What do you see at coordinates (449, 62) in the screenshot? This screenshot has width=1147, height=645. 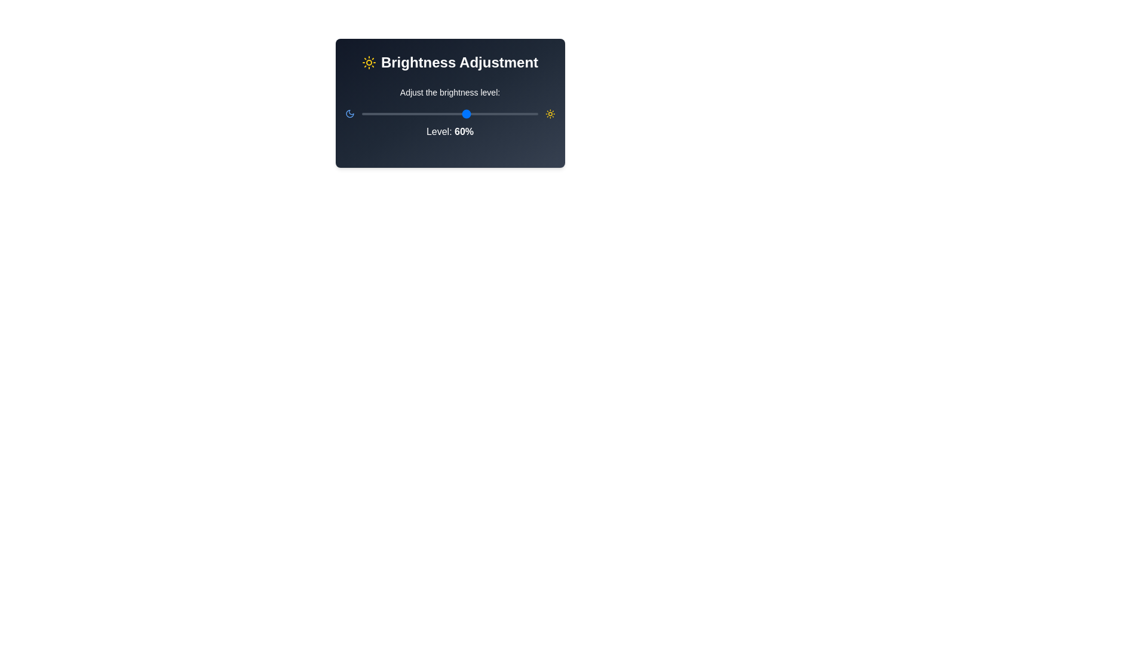 I see `the brightness adjustment title label located at the top-center of the card interface` at bounding box center [449, 62].